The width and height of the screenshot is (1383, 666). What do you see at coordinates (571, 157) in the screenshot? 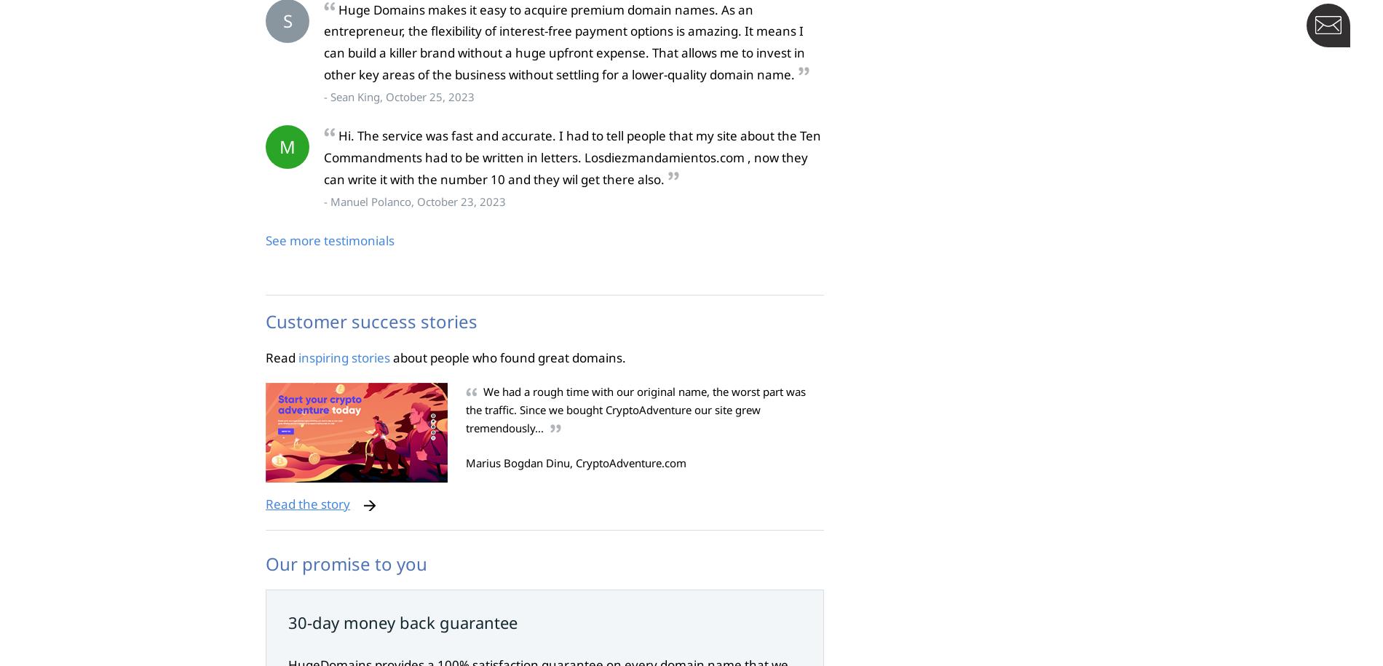
I see `'Hi. The service was fast and accurate.
I had to tell people that my site about the Ten Commandments had to be written in letters. Losdiezmandamientos.com , now they can write it with the number 10 and they wil get there also.'` at bounding box center [571, 157].